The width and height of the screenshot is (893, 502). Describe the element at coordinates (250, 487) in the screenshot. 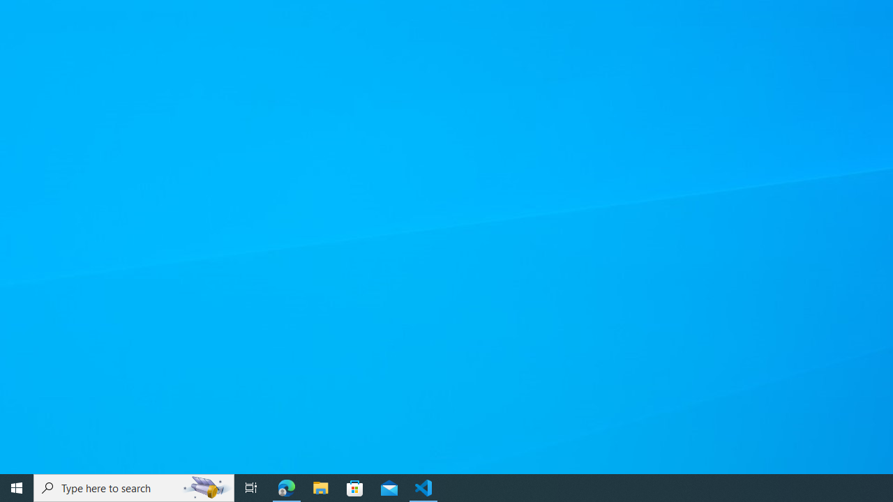

I see `'Task View'` at that location.